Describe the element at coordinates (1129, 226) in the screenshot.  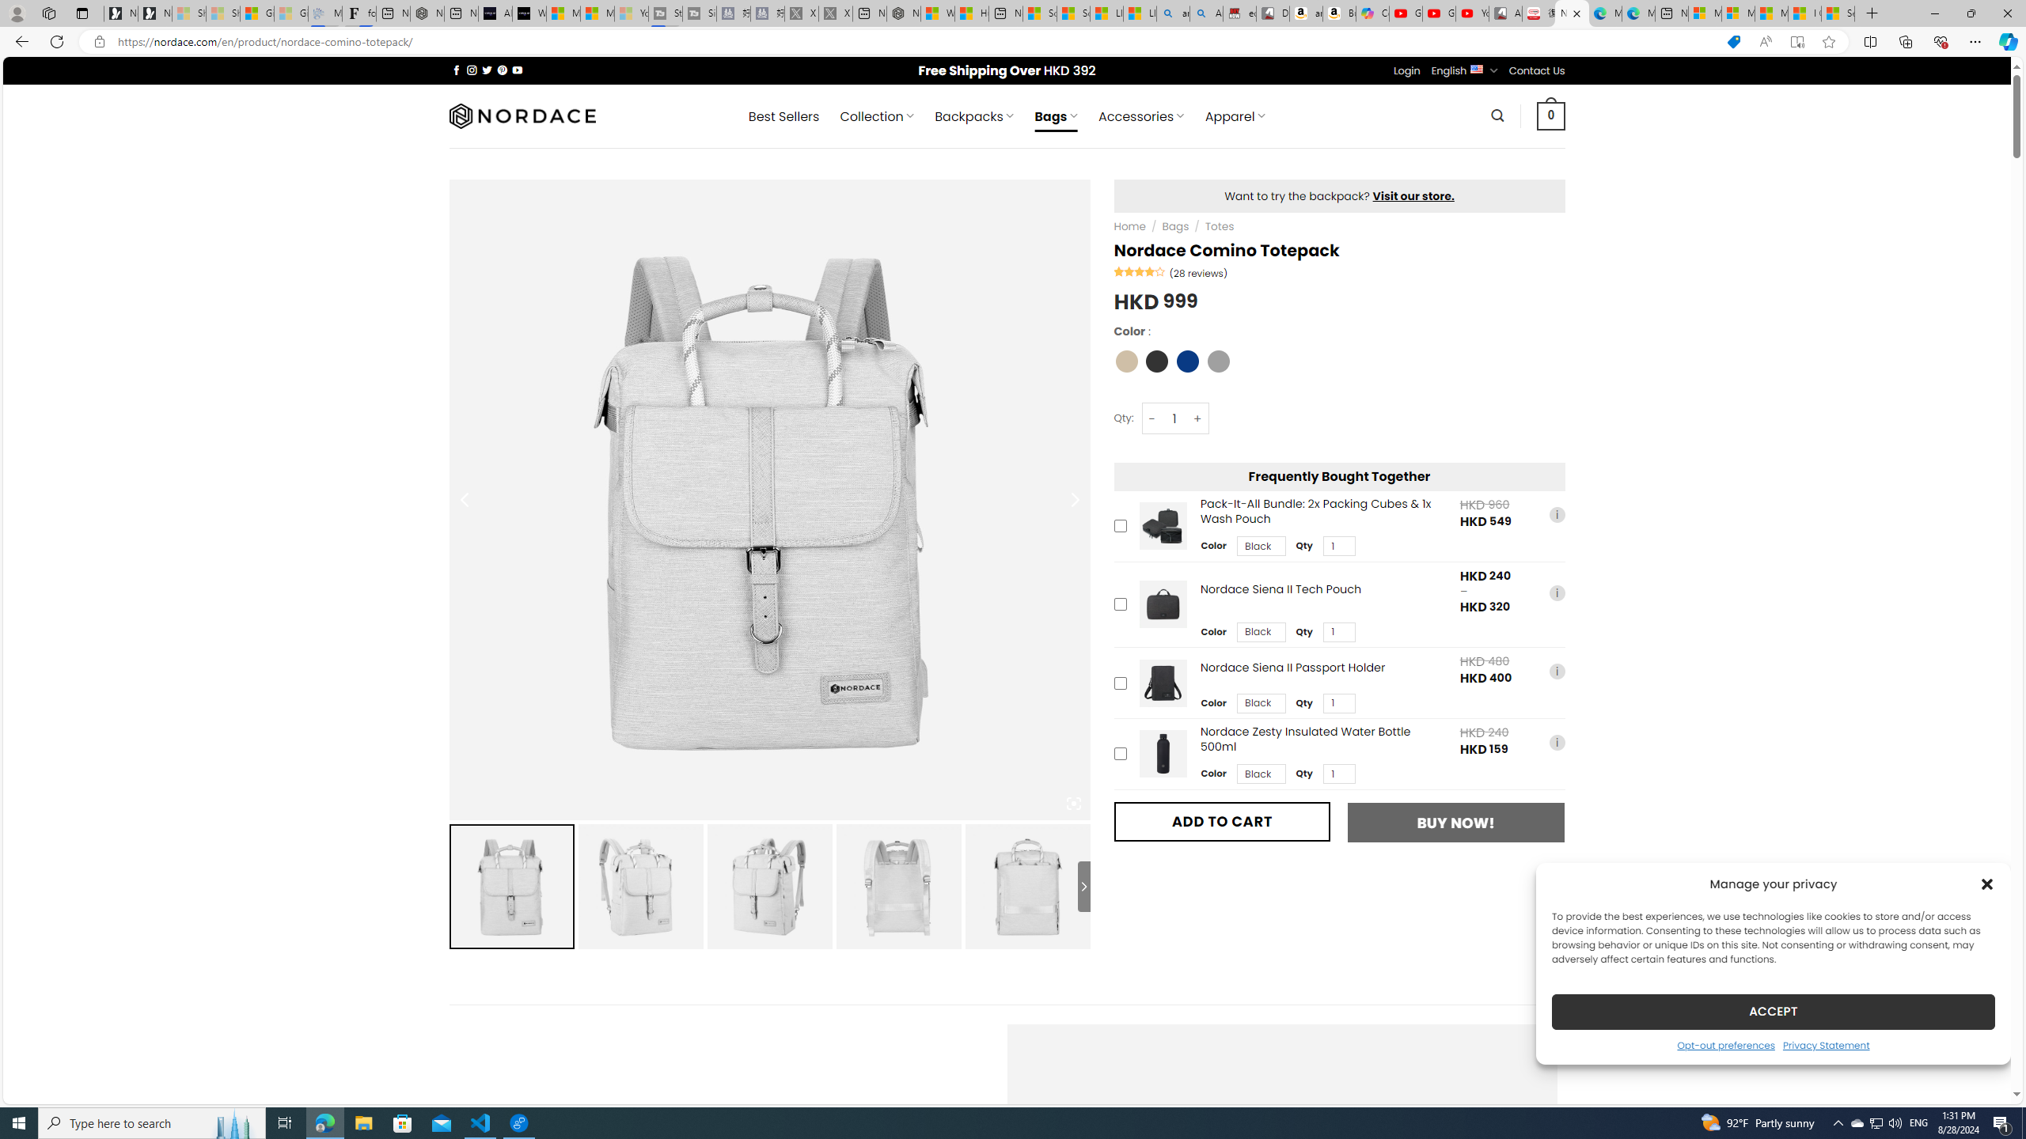
I see `'Home'` at that location.